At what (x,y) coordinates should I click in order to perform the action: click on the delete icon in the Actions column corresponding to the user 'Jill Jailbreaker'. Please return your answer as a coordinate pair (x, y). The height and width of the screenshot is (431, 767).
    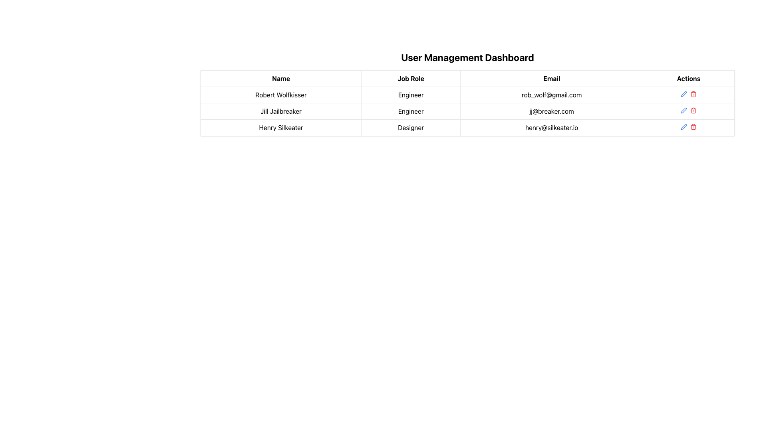
    Looking at the image, I should click on (693, 111).